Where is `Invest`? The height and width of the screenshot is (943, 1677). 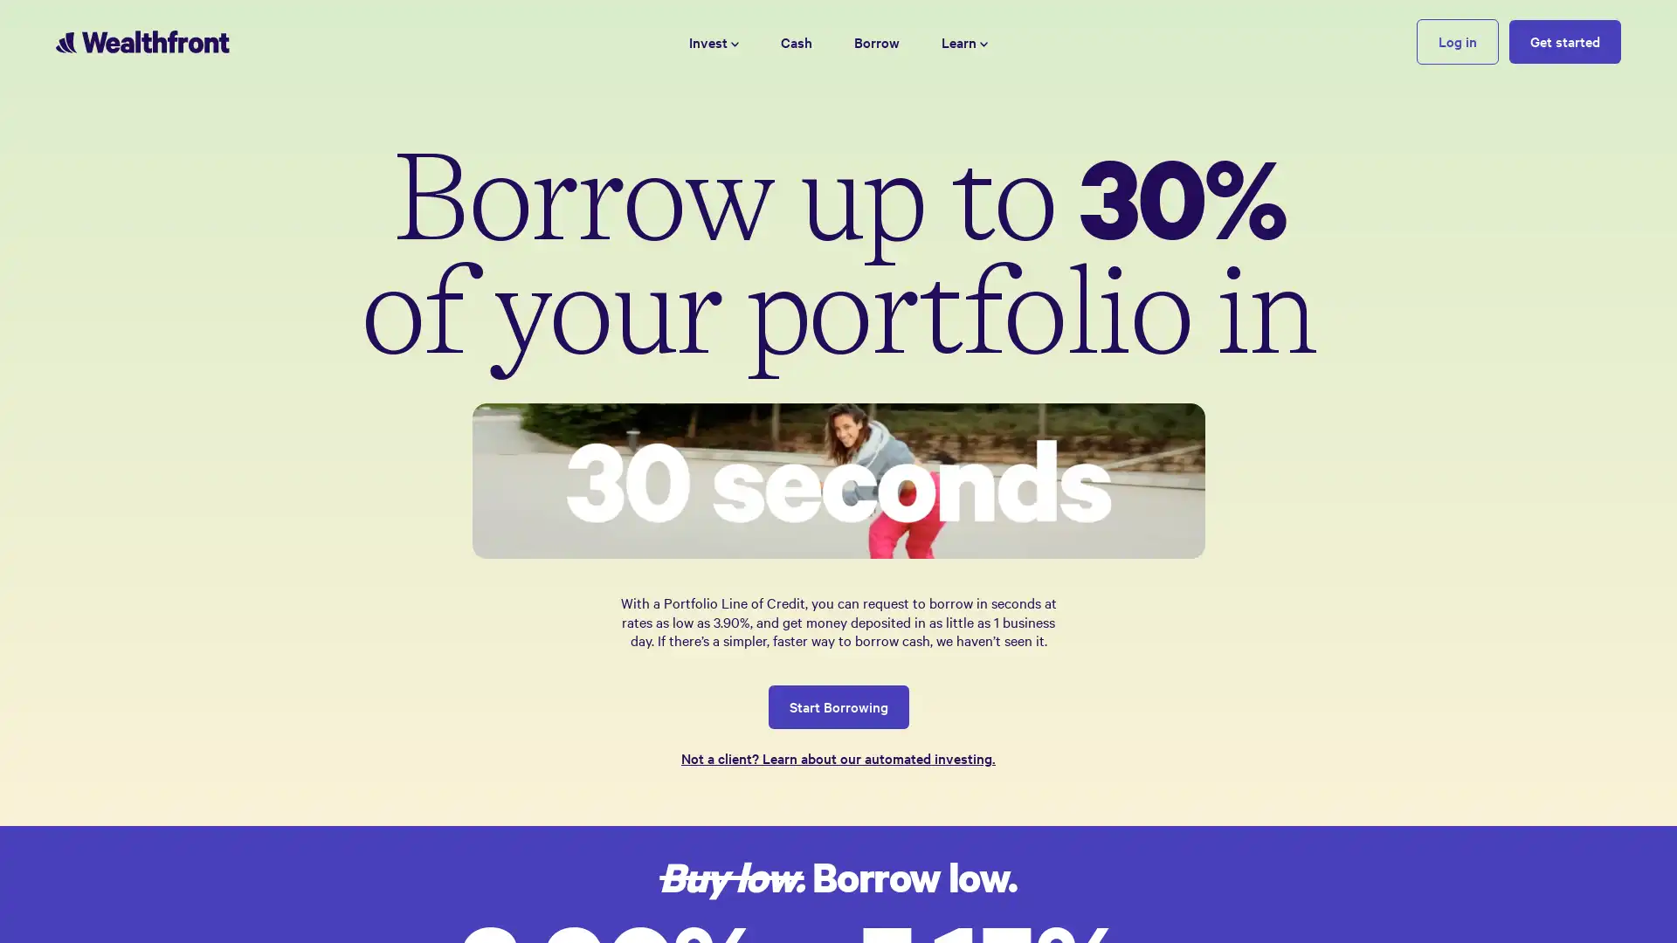
Invest is located at coordinates (714, 40).